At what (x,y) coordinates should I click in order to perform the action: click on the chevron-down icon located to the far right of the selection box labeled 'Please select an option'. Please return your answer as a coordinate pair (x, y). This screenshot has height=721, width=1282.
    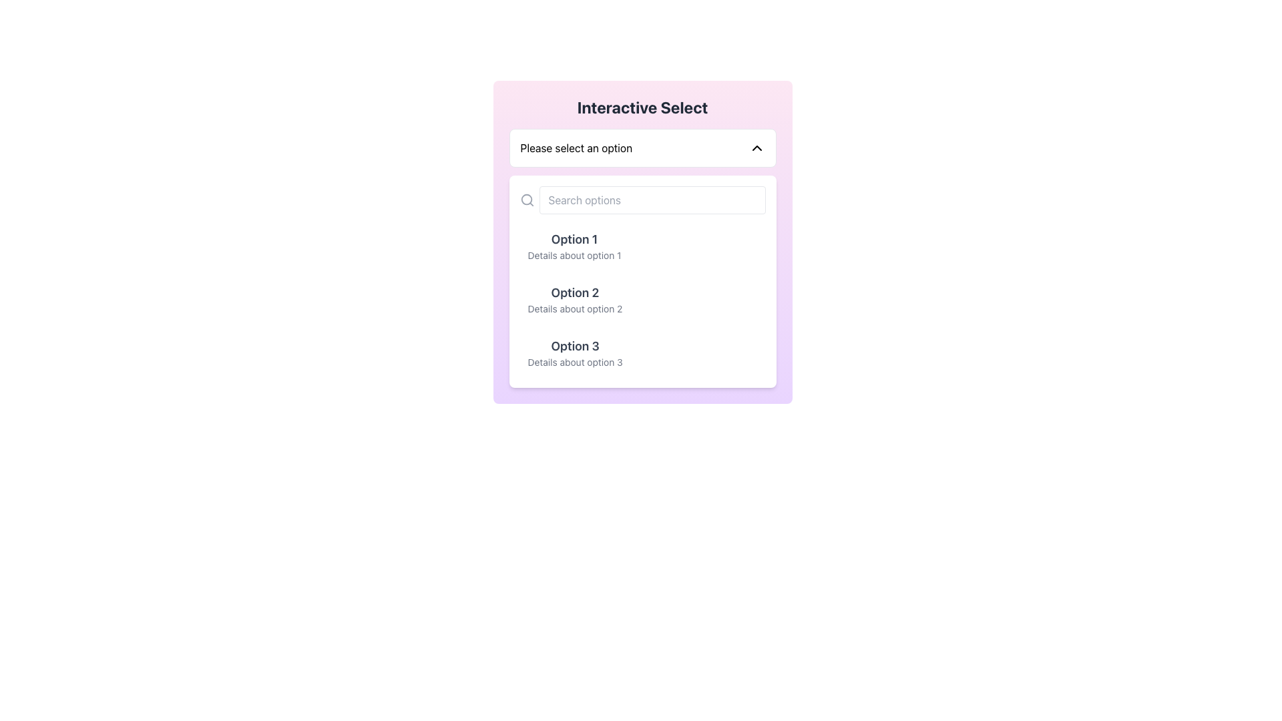
    Looking at the image, I should click on (757, 148).